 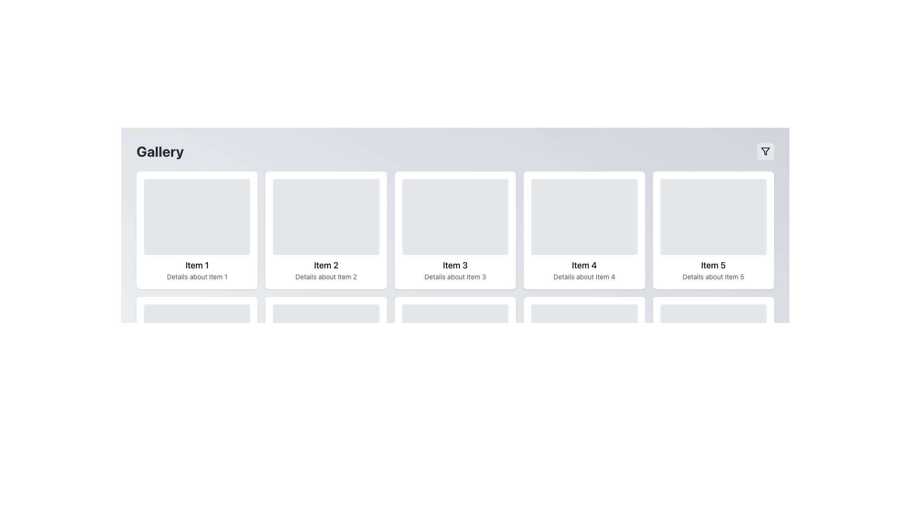 I want to click on the static Text Label that provides additional details about Item 5, located beneath the title text in the fifth card of the Gallery, so click(x=713, y=276).